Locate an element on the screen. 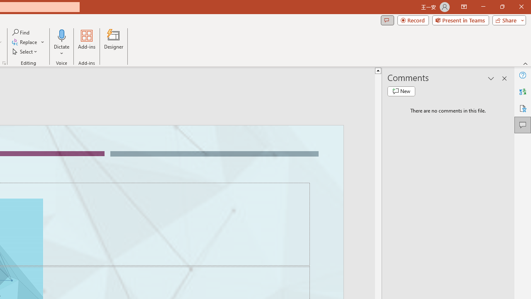 Image resolution: width=531 pixels, height=299 pixels. 'Restore Down' is located at coordinates (502, 7).